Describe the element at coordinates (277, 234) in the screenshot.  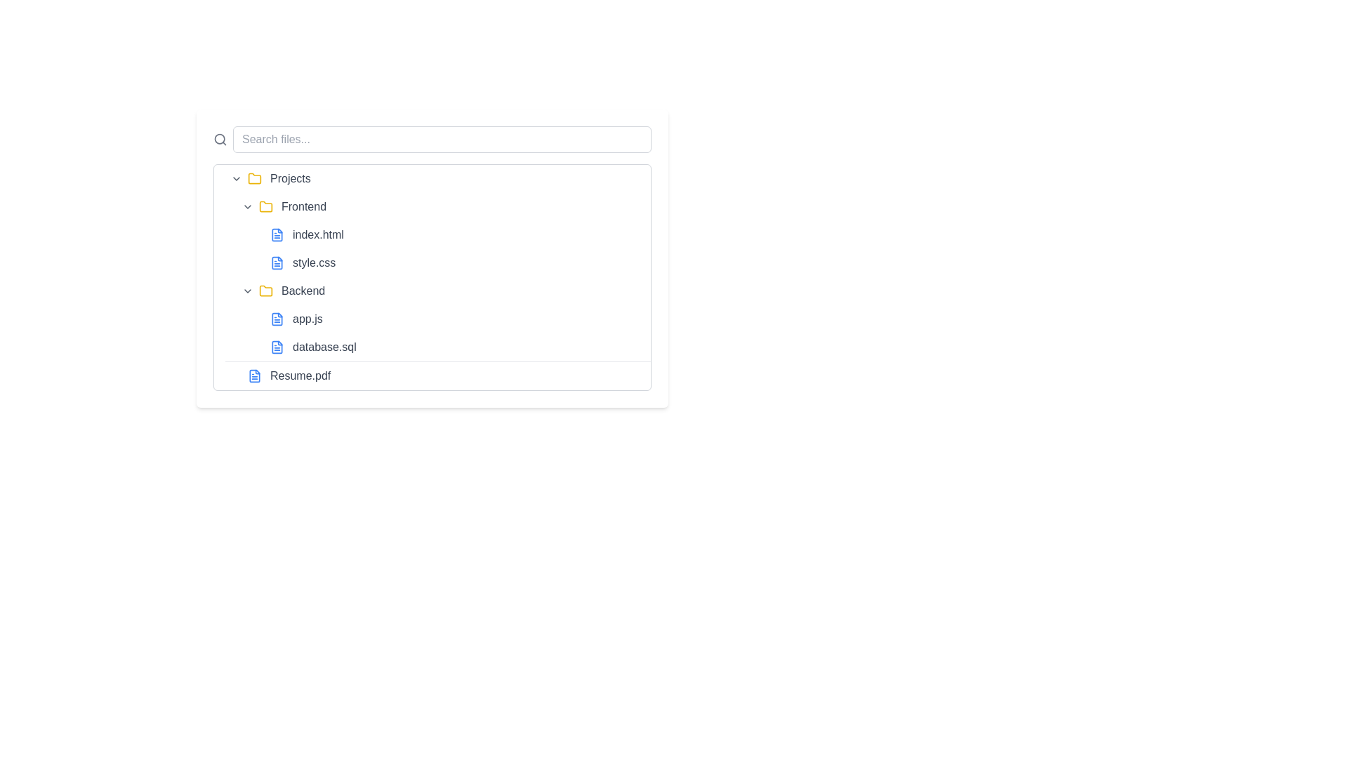
I see `the blue document icon with a folded corner, which is the first icon on the row labeled 'index.html' under the 'Frontend' folder` at that location.